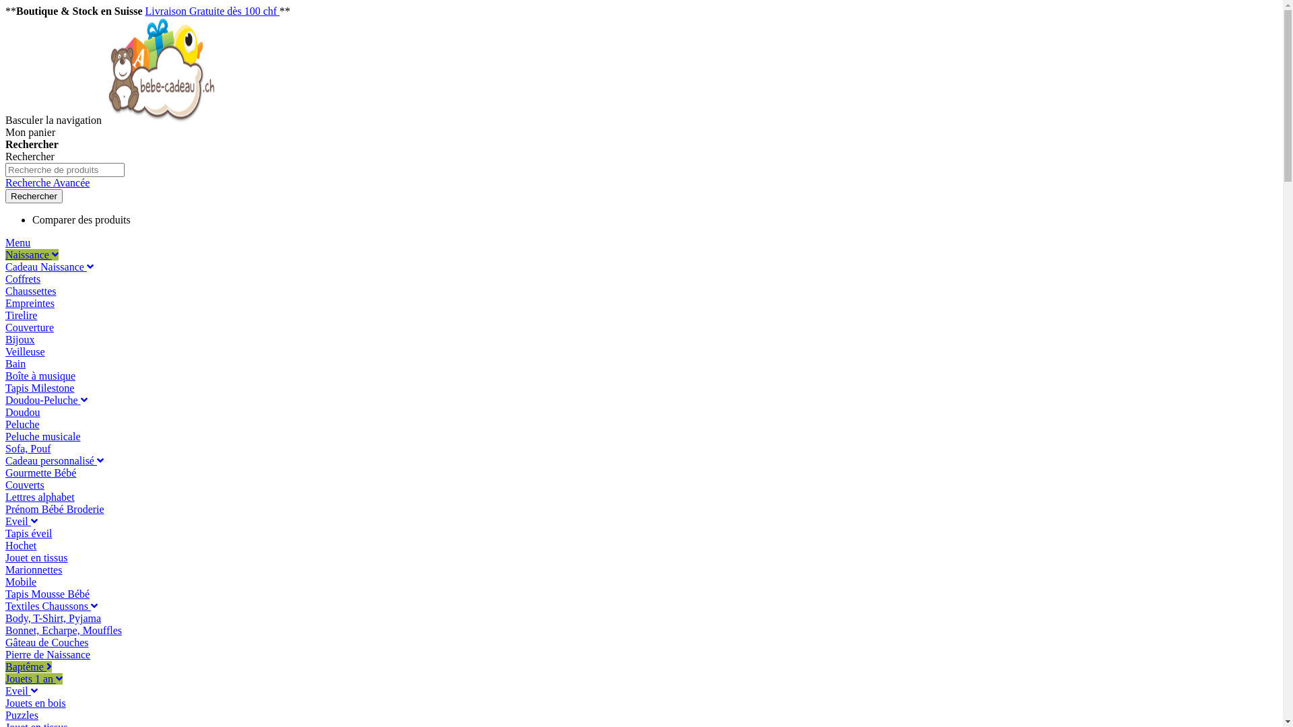 The image size is (1293, 727). What do you see at coordinates (32, 254) in the screenshot?
I see `'Naissance'` at bounding box center [32, 254].